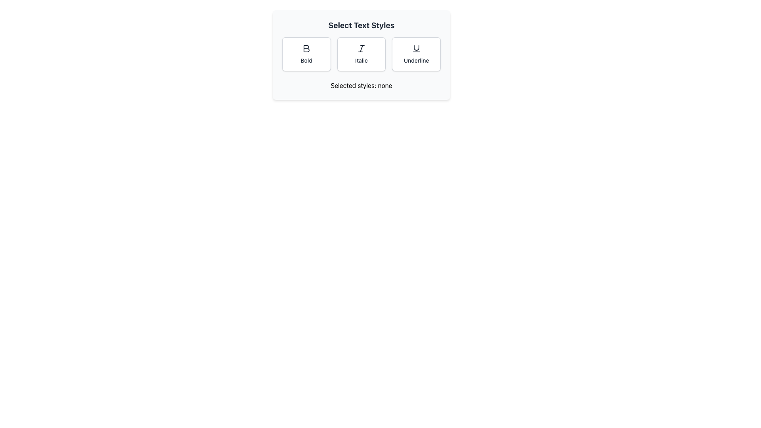 This screenshot has height=428, width=761. What do you see at coordinates (306, 60) in the screenshot?
I see `label of the text element displaying the word 'Bold', which is located inside a white box with rounded corners and a gray border` at bounding box center [306, 60].